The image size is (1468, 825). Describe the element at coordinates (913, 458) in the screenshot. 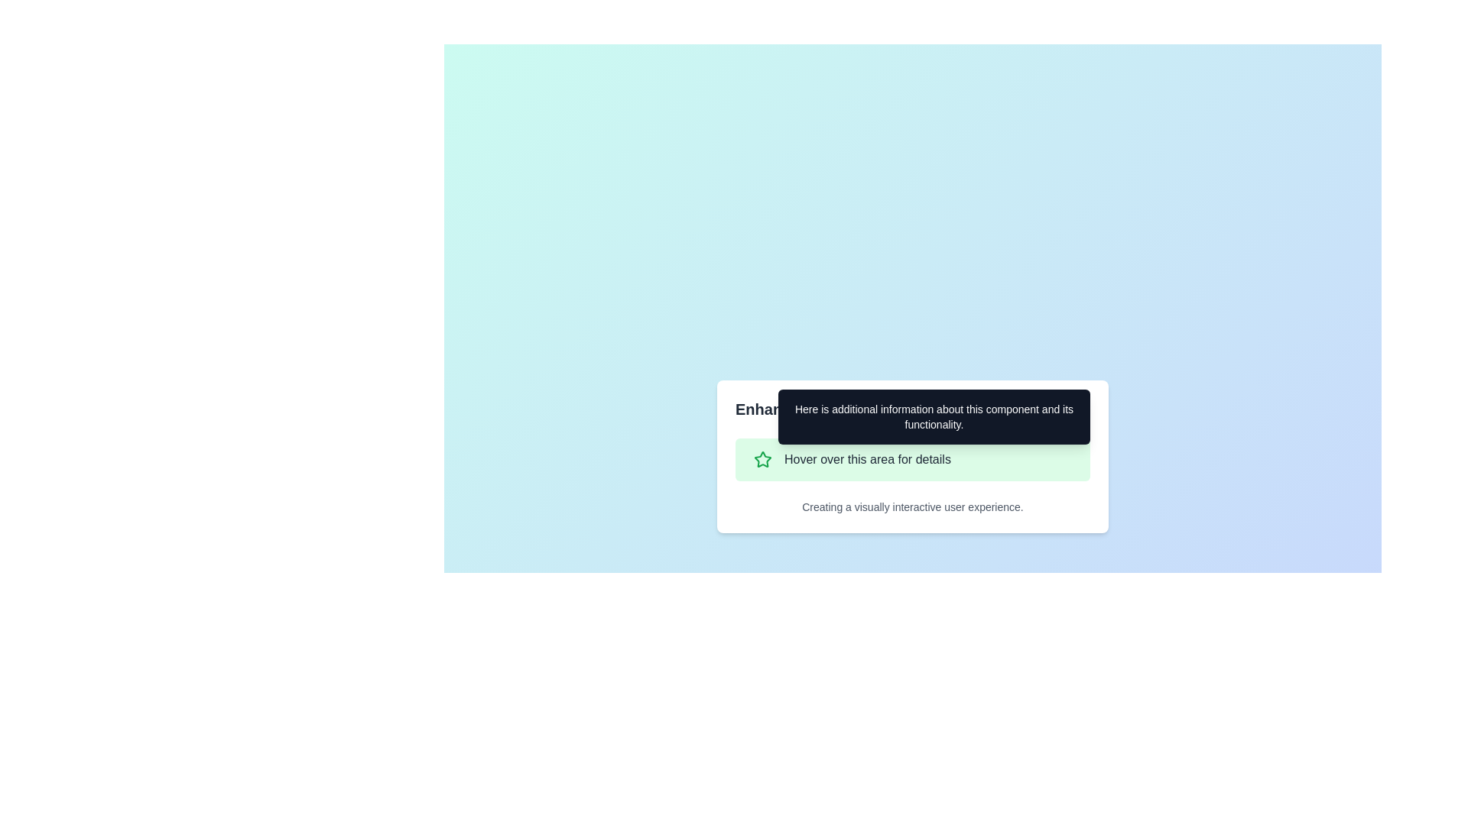

I see `the Interactive Tooltip Trigger Area, which has a green background with rounded corners and displays the text 'Hover over this area for details'` at that location.